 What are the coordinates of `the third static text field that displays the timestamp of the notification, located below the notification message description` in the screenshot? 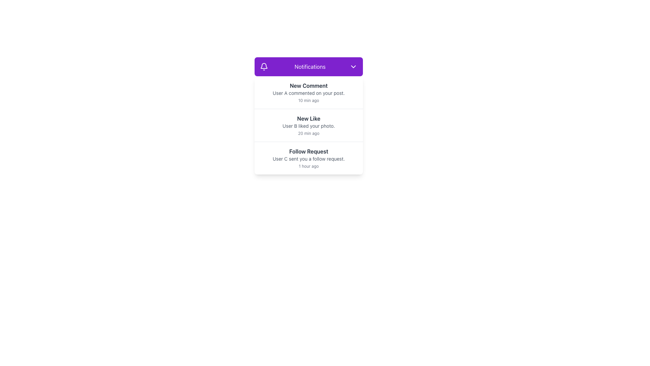 It's located at (308, 166).